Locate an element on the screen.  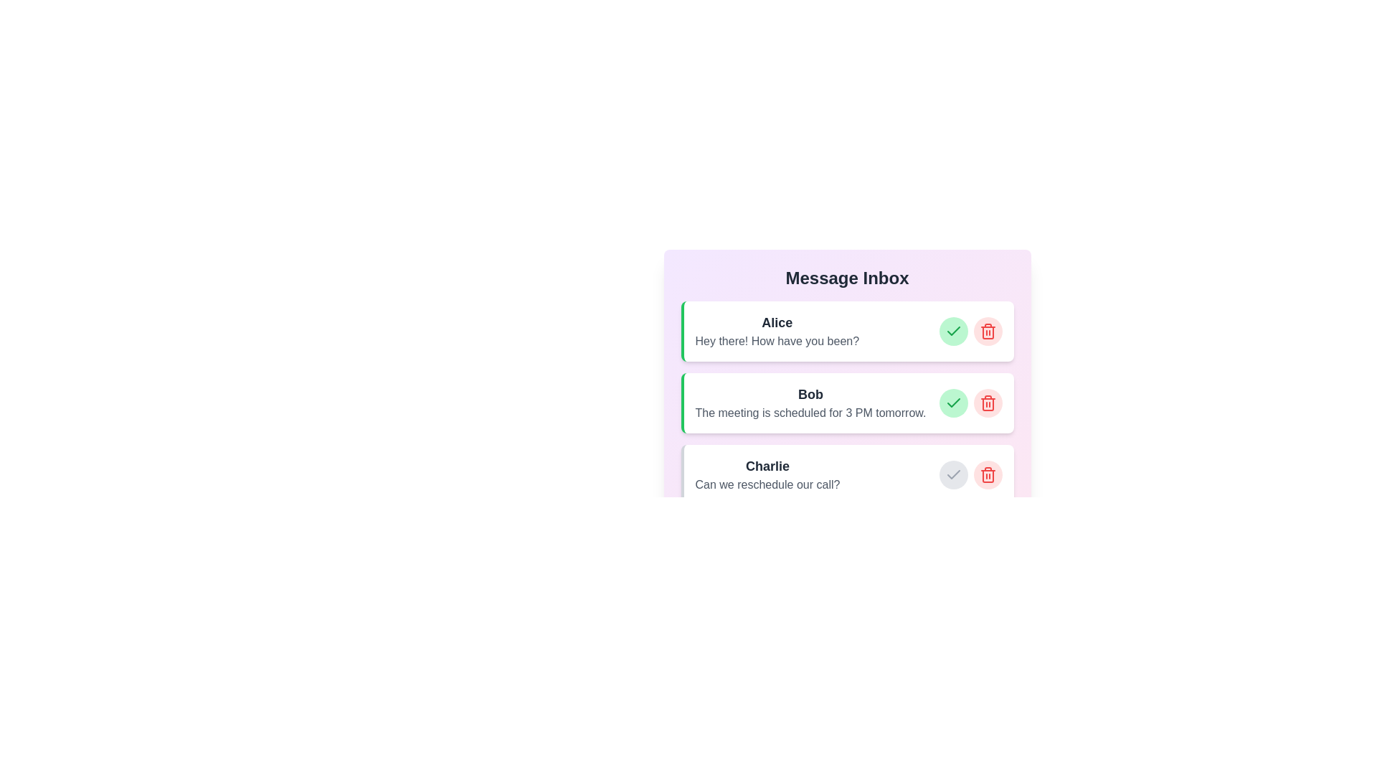
the check button of the message with sender Charlie to toggle its status is located at coordinates (953, 475).